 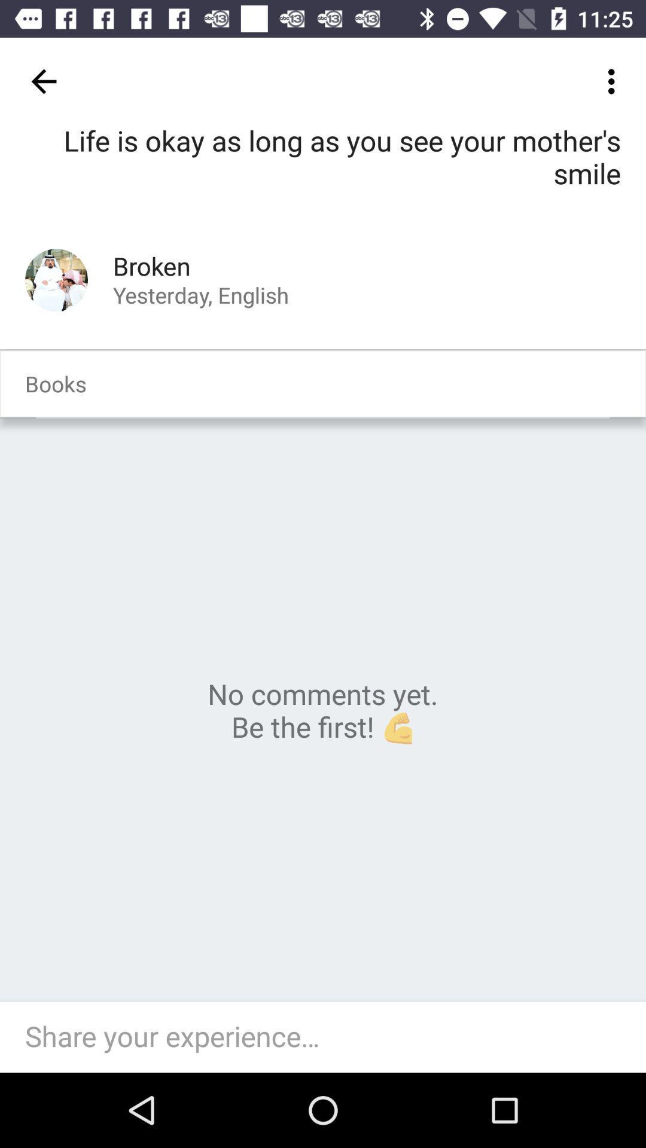 I want to click on allows you to respond to a comment, so click(x=329, y=1037).